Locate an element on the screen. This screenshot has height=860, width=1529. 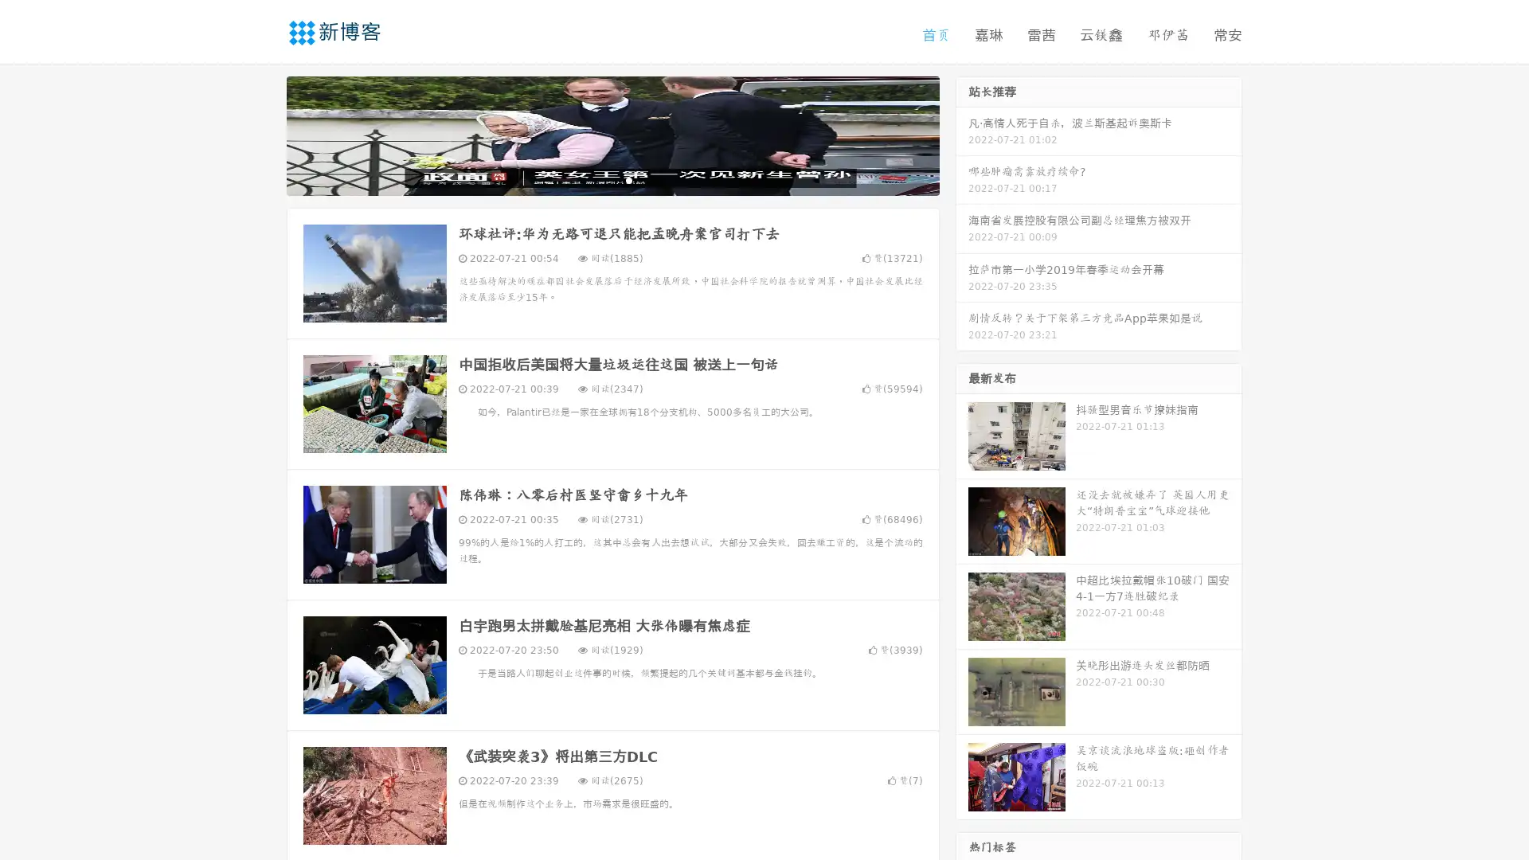
Go to slide 2 is located at coordinates (612, 179).